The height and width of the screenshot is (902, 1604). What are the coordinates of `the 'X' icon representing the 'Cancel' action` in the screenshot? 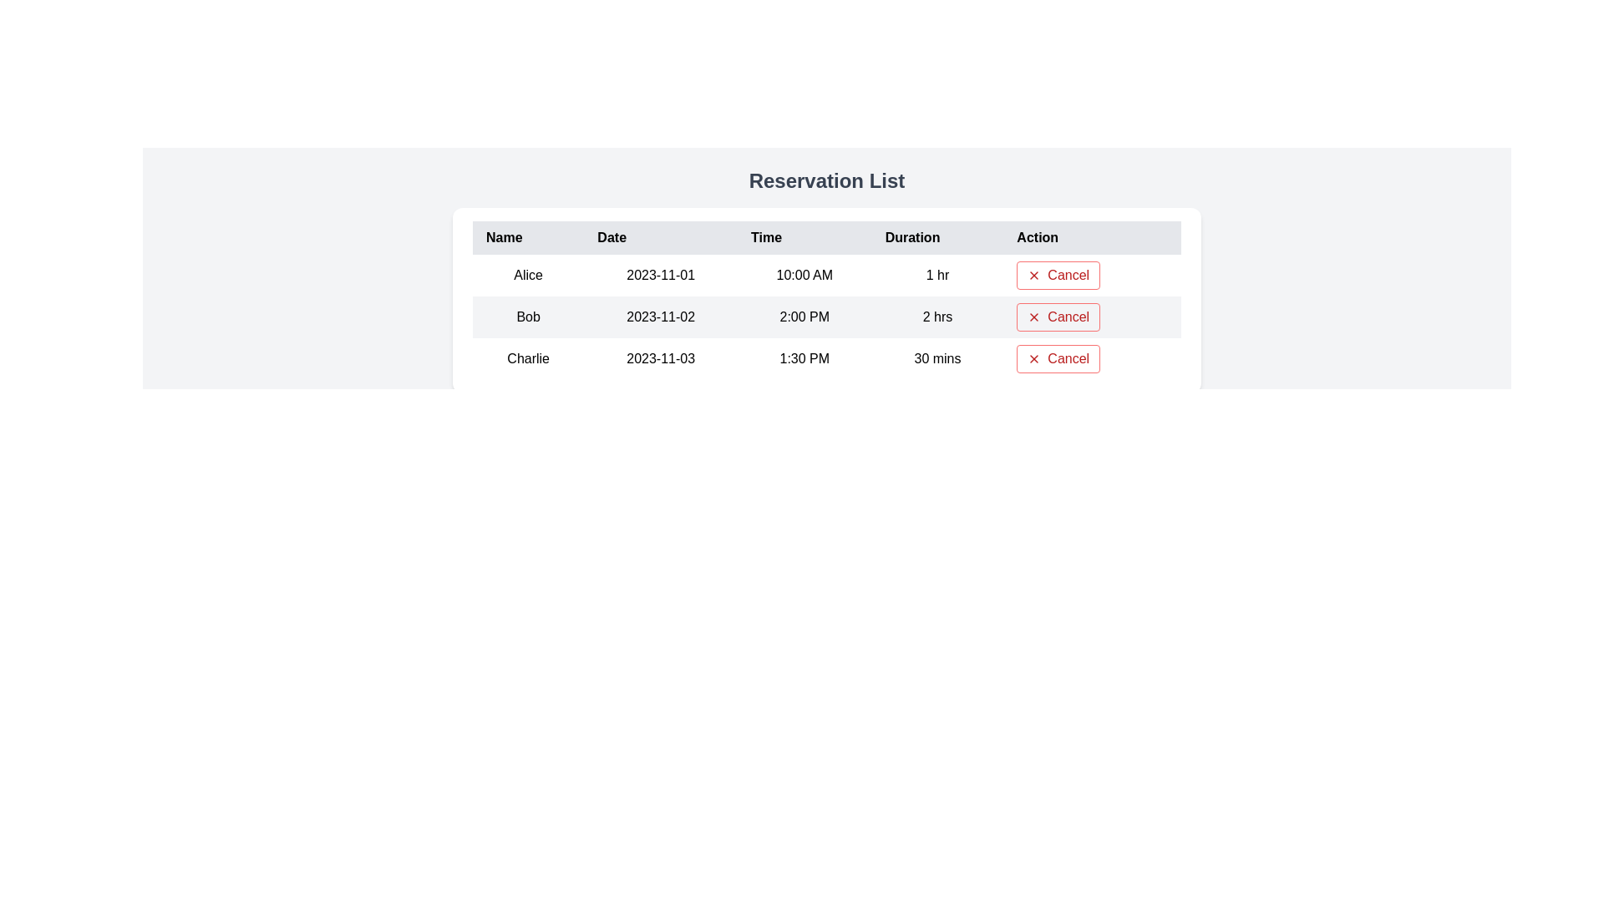 It's located at (1033, 317).